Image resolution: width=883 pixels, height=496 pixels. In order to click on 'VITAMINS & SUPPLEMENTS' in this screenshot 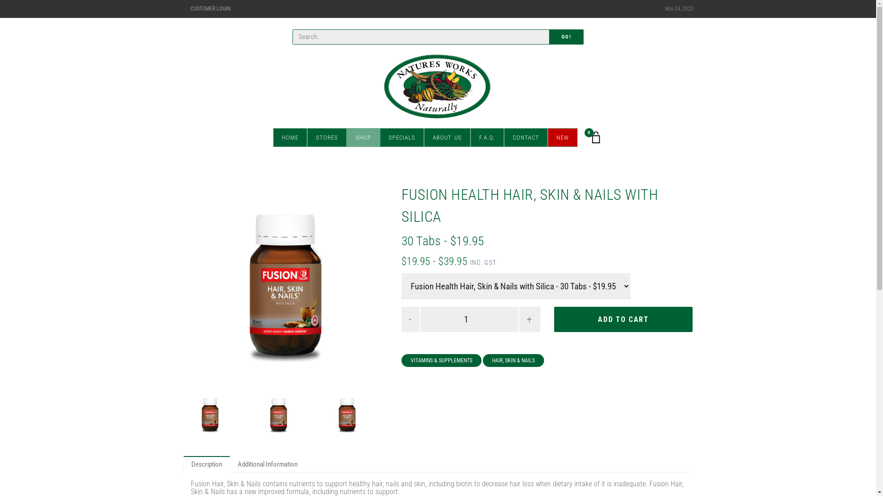, I will do `click(441, 360)`.